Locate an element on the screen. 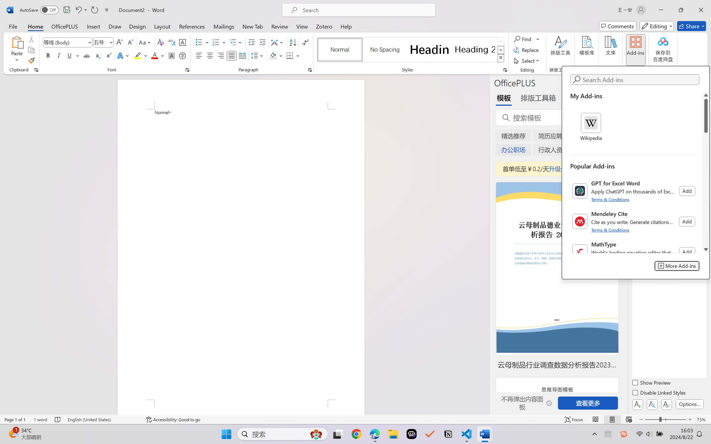 The height and width of the screenshot is (444, 711). 'Heading 2' is located at coordinates (475, 49).